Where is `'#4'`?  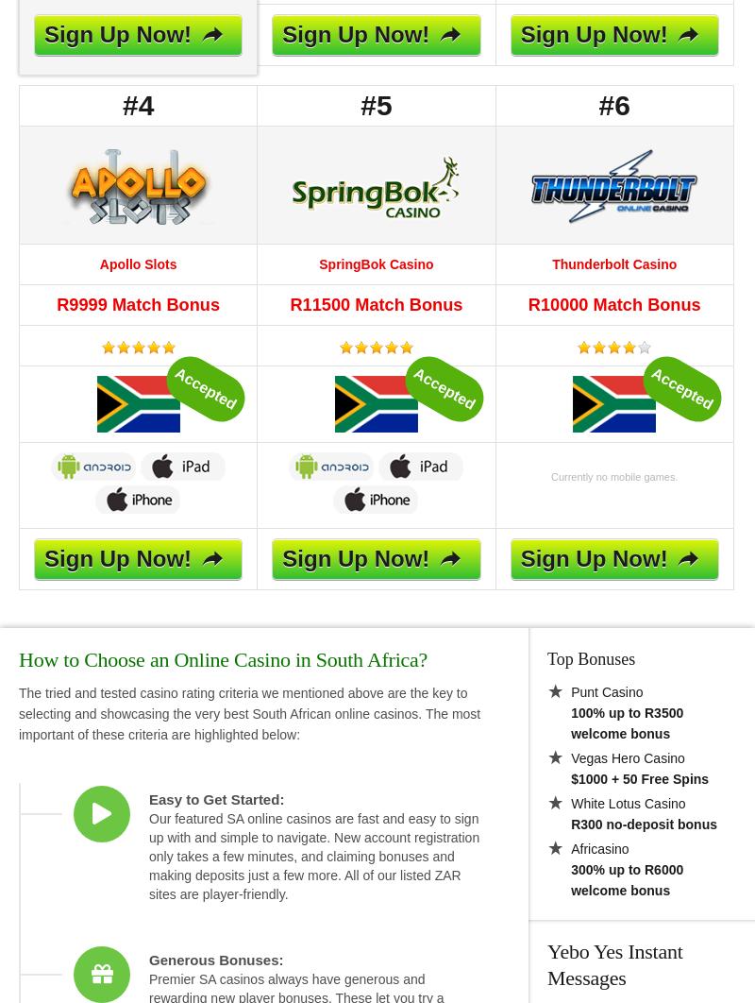 '#4' is located at coordinates (138, 105).